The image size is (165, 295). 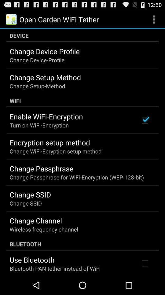 I want to click on the app below change ssid item, so click(x=36, y=220).